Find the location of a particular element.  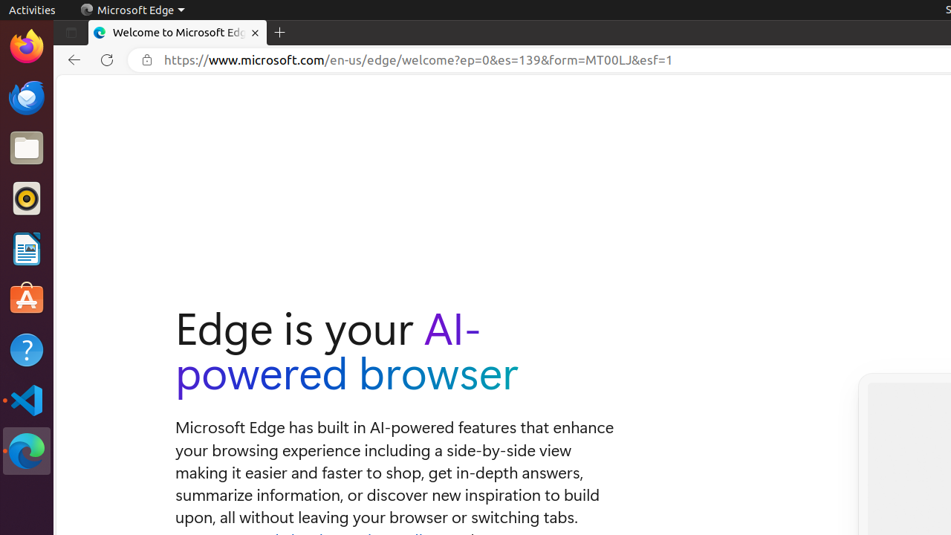

'Refresh' is located at coordinates (106, 59).